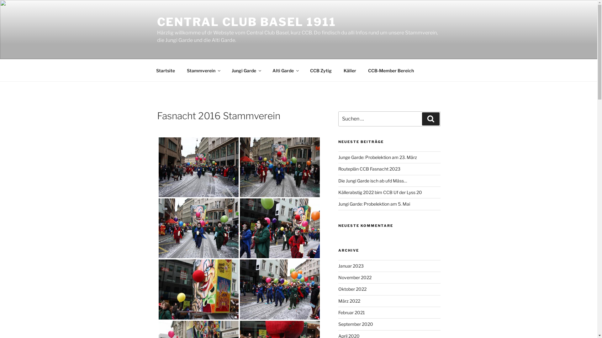 The width and height of the screenshot is (602, 338). I want to click on 'Startsite', so click(165, 70).